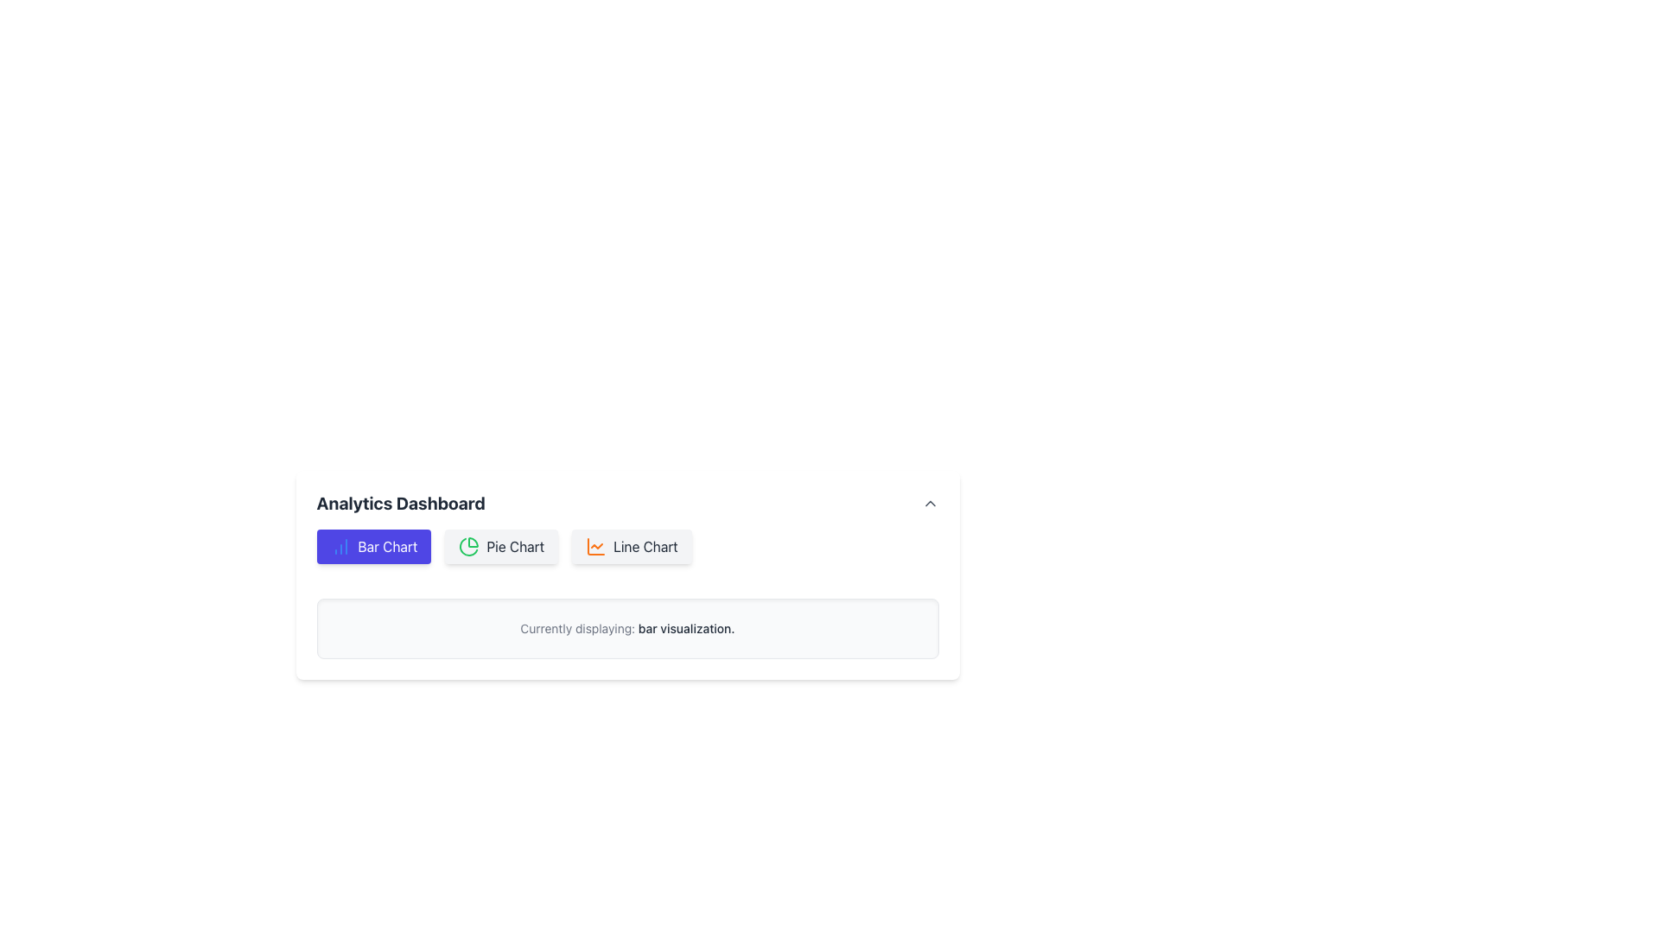 This screenshot has width=1659, height=933. I want to click on the 'Bar Chart' button which contains the text label, so click(386, 546).